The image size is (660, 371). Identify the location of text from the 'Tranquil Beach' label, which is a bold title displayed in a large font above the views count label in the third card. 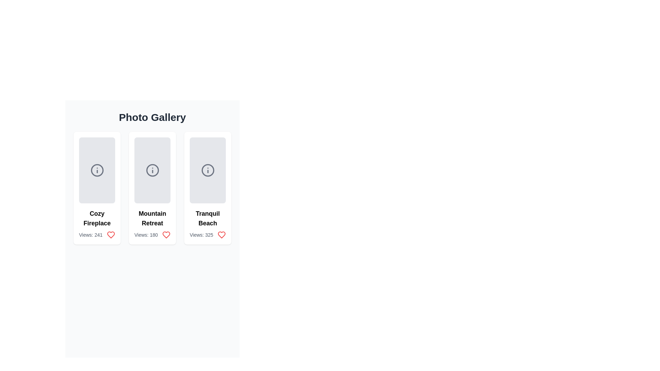
(207, 218).